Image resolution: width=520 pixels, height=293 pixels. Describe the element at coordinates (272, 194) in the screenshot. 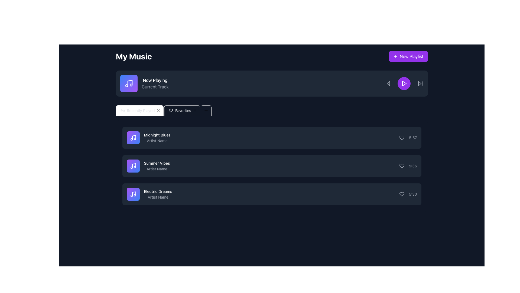

I see `the List item for 'Electric Dreams'` at that location.